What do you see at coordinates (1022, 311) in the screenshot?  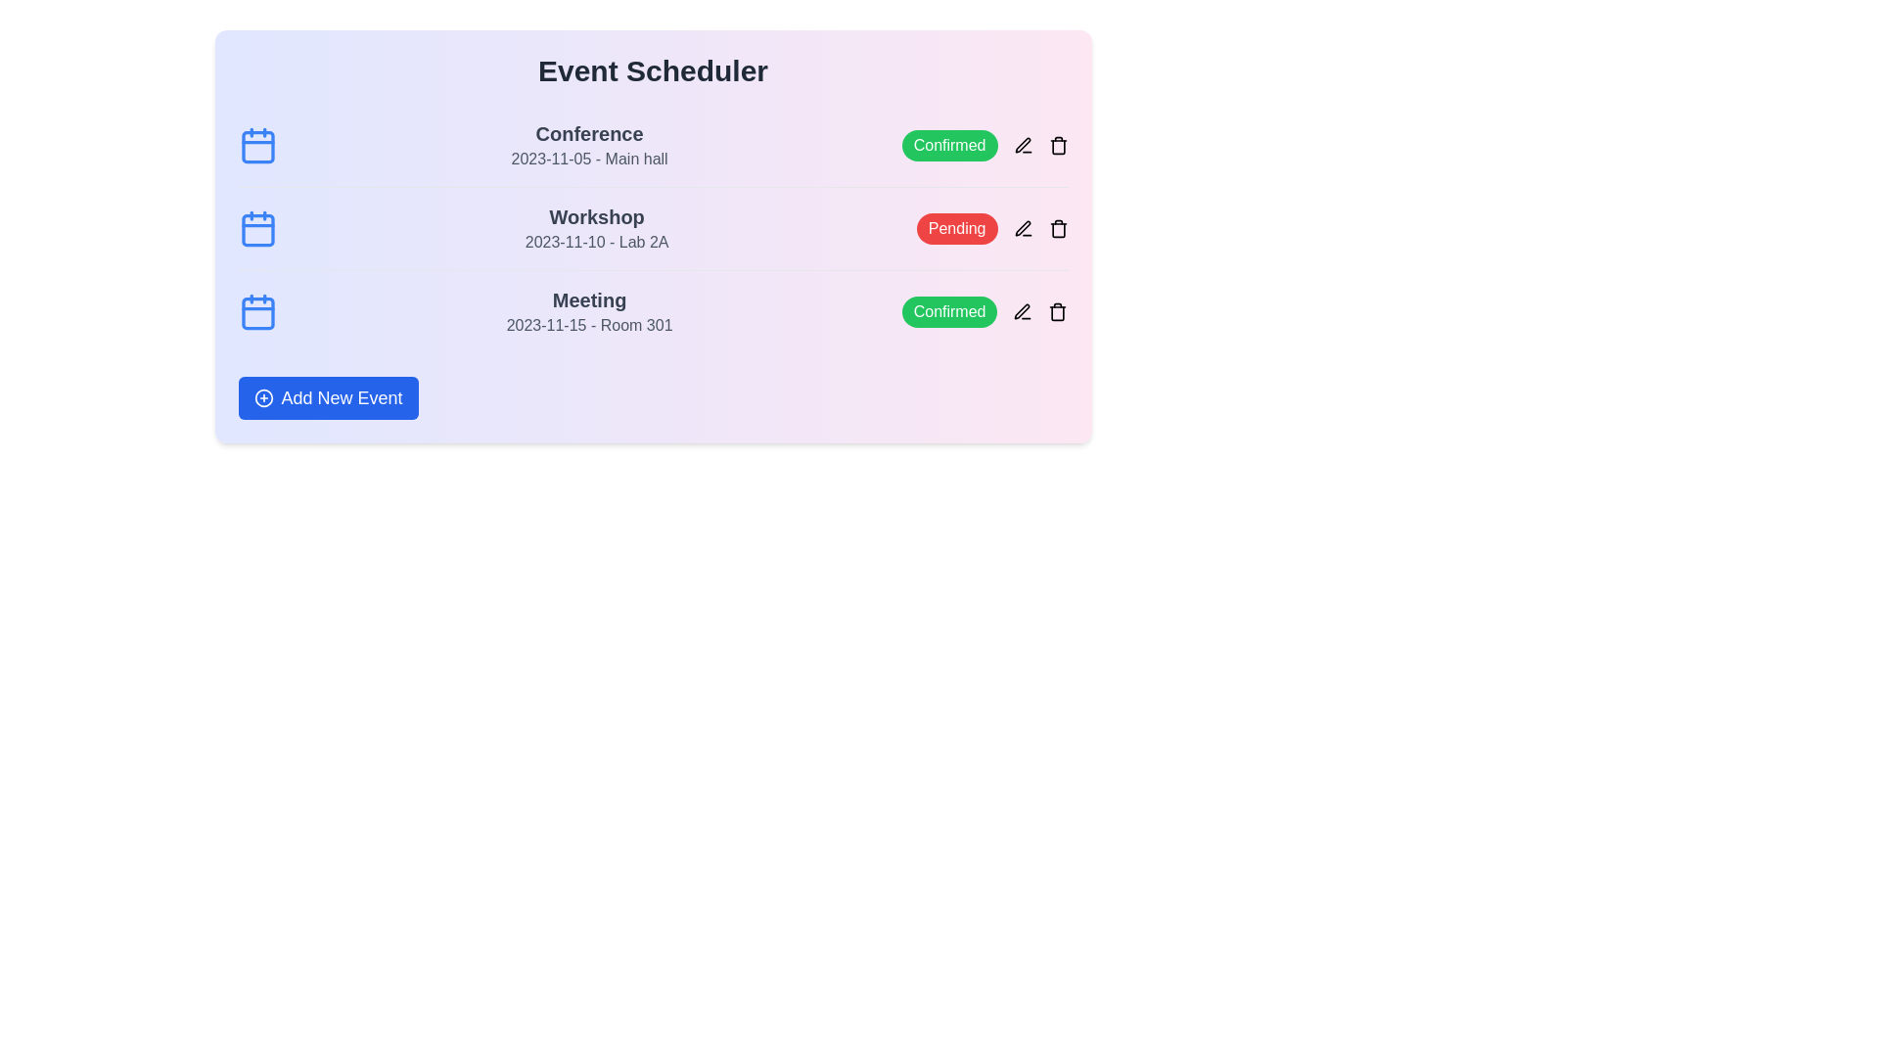 I see `the Edit Action Icon Button, which resembles a pen tool on a light pink background, located next to the 'Confirmed' label of the 'Meeting' event` at bounding box center [1022, 311].